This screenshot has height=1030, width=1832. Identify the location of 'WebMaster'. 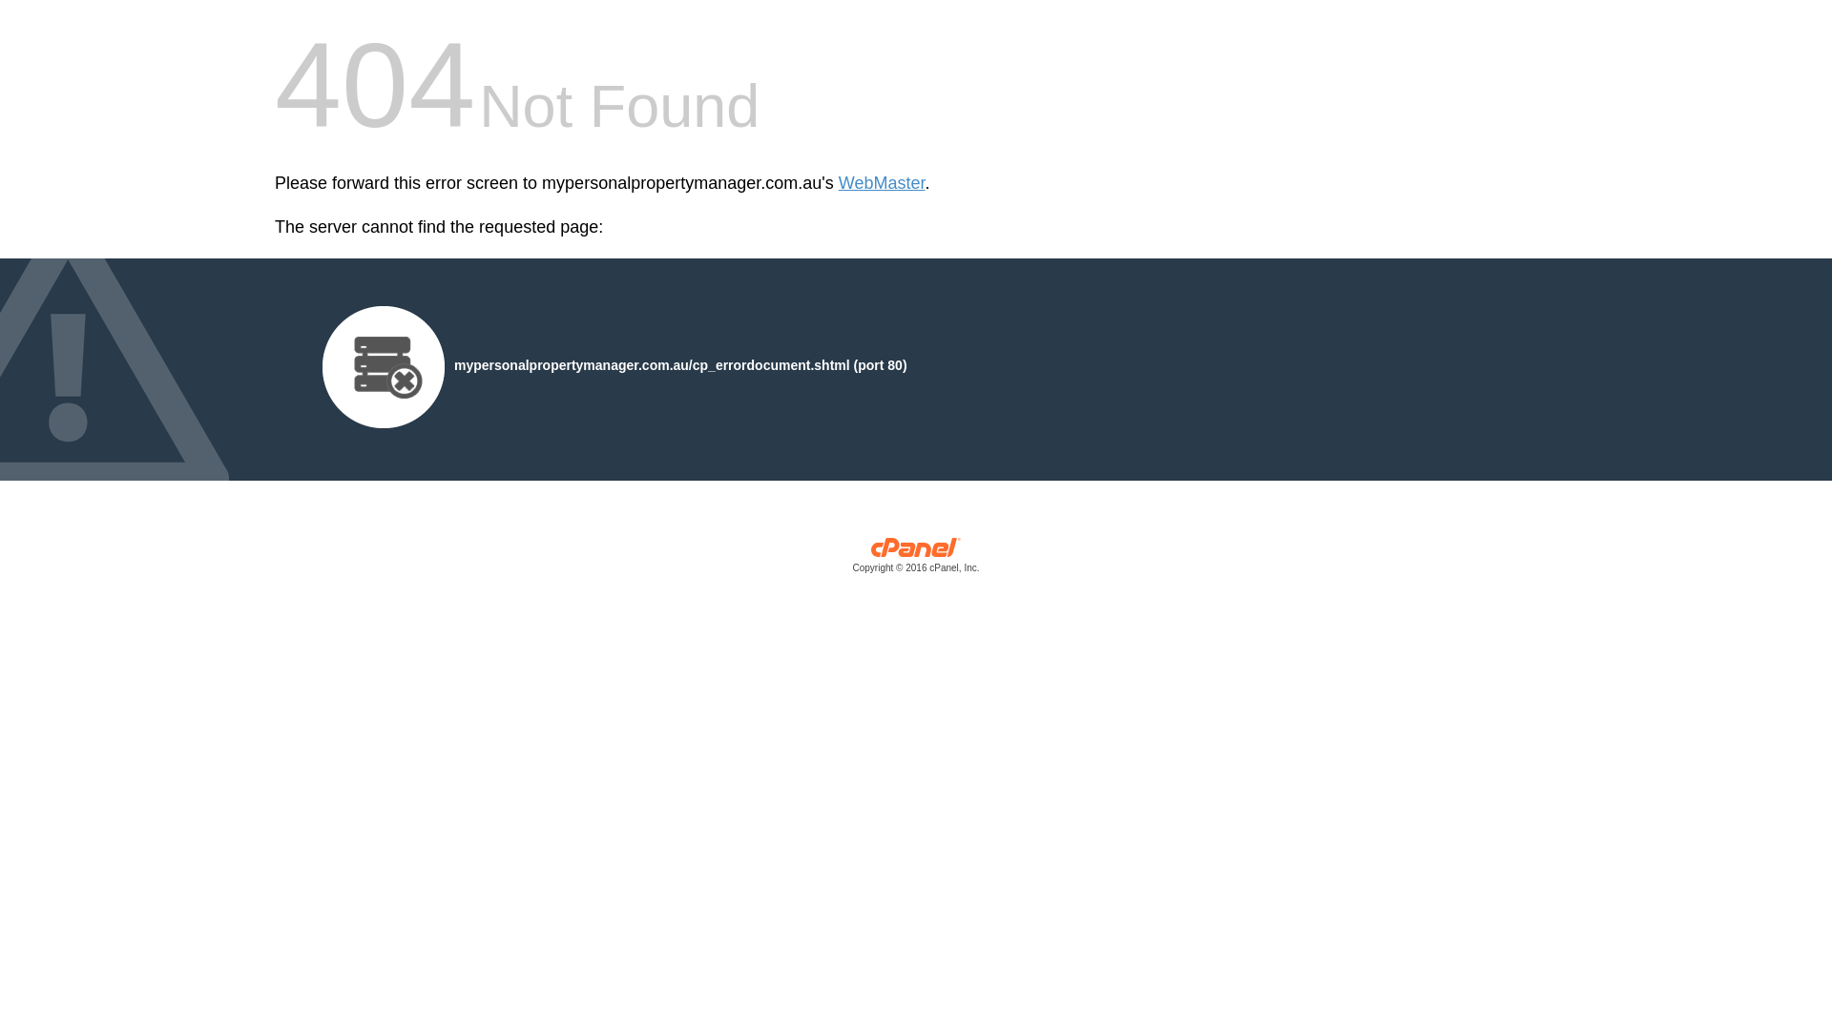
(881, 183).